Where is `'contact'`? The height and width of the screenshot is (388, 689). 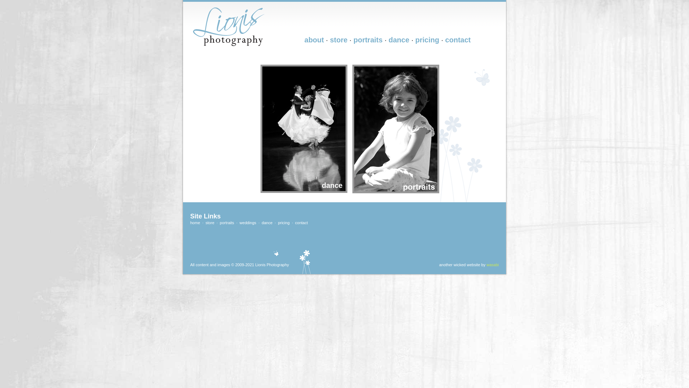 'contact' is located at coordinates (458, 40).